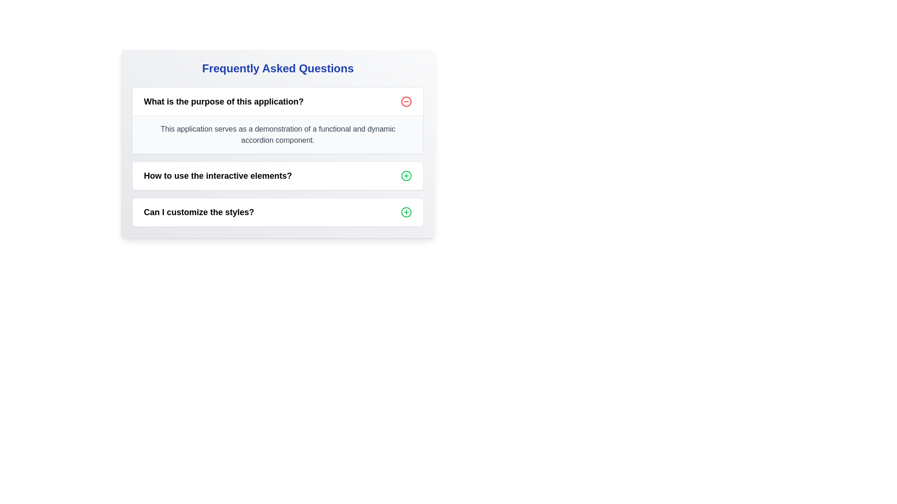 The width and height of the screenshot is (897, 504). Describe the element at coordinates (278, 134) in the screenshot. I see `the text block with light gray background containing the sentence 'This application serves as a demonstration of a functional and dynamic accordion component.' located below the header 'What is the purpose of this application?'` at that location.